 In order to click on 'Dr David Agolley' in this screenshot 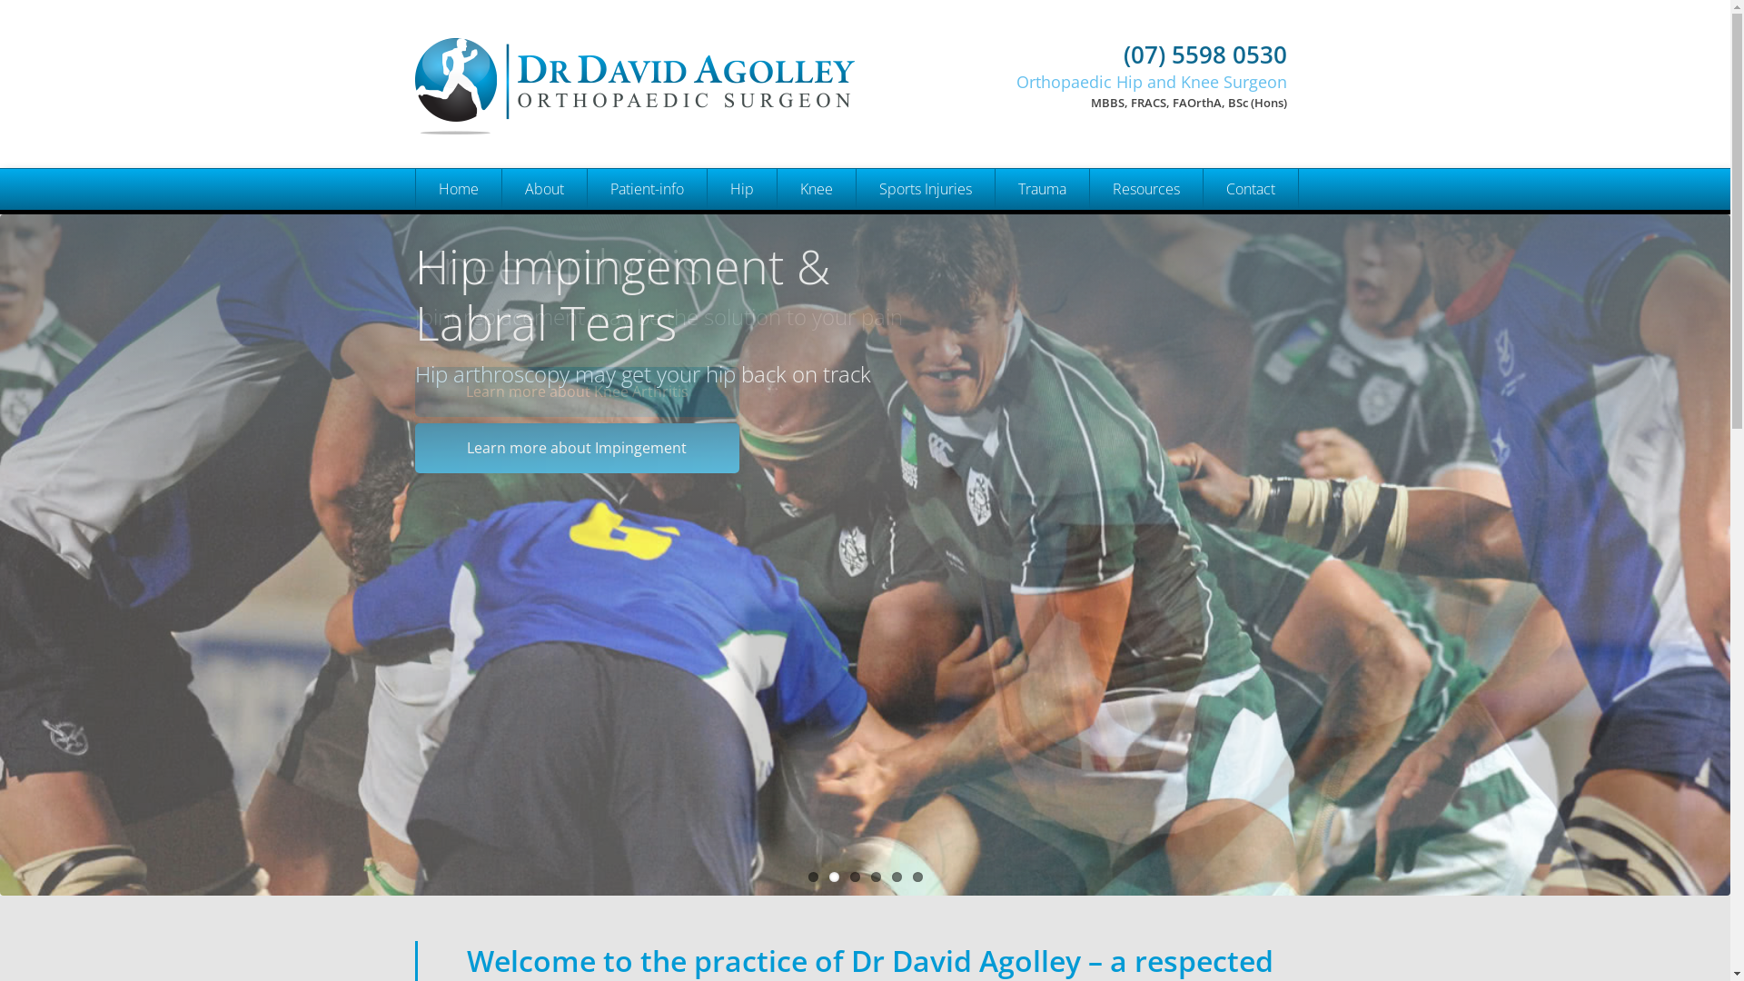, I will do `click(543, 229)`.